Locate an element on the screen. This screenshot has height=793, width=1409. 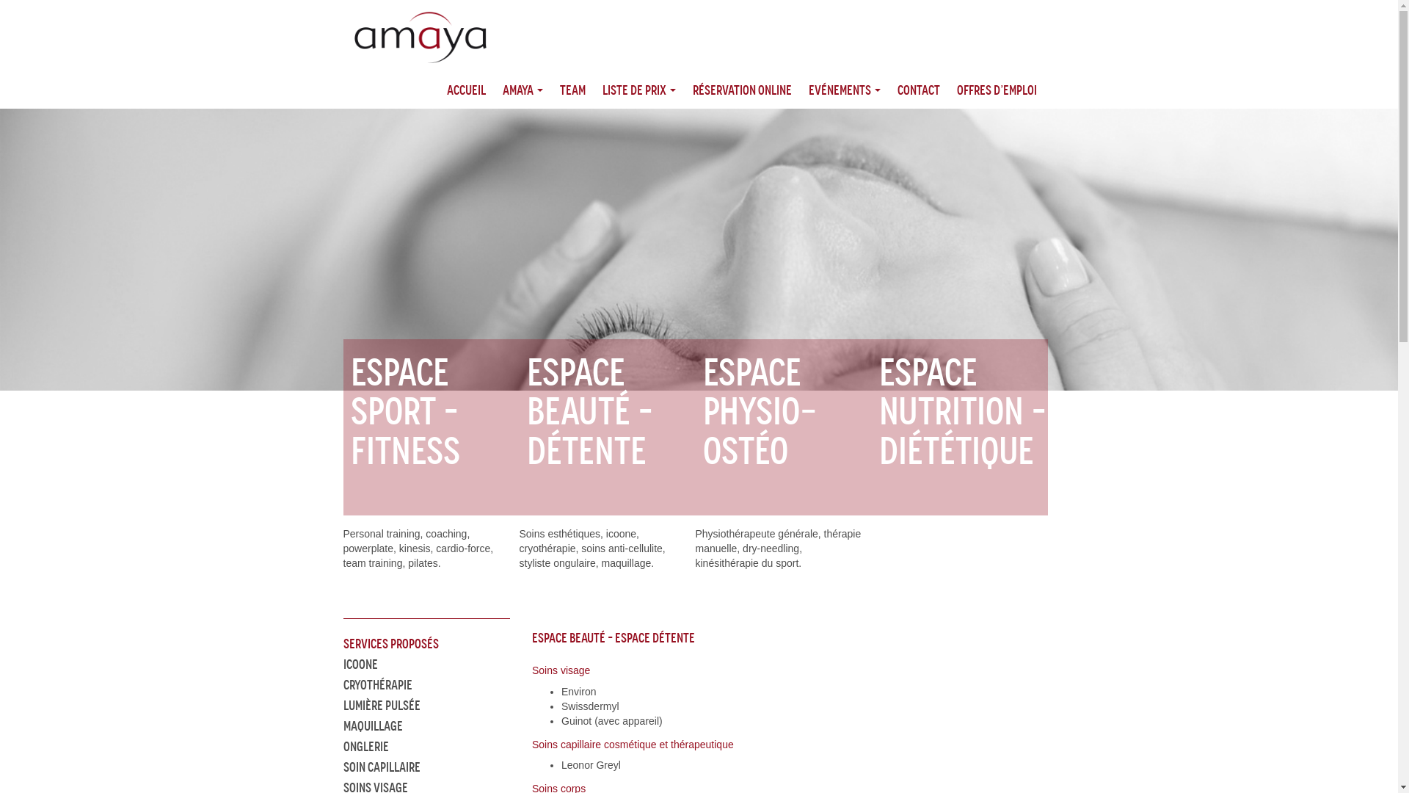
'CONTACT' is located at coordinates (917, 90).